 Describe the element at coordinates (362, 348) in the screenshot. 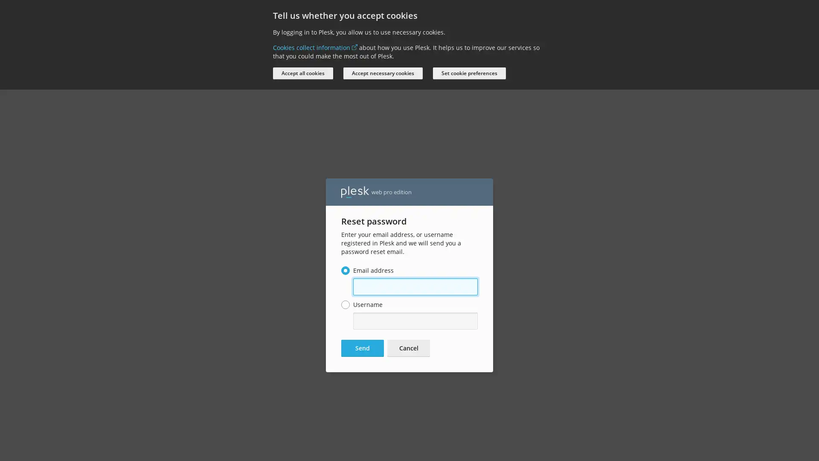

I see `Send` at that location.